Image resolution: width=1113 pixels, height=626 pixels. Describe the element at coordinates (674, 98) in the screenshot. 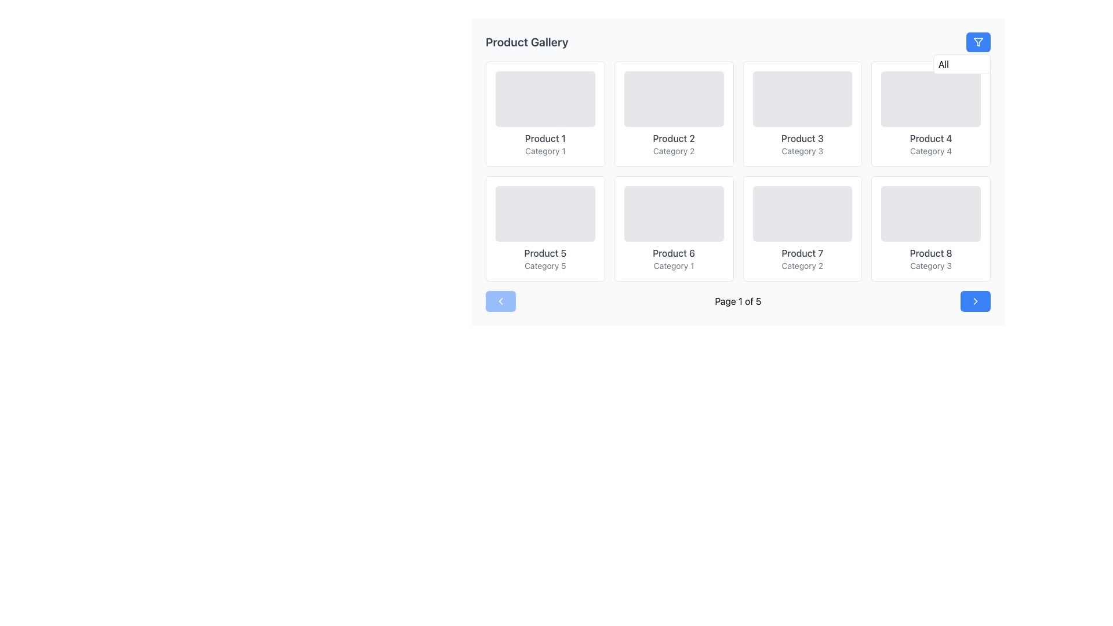

I see `the Image placeholder for 'Product 2' in 'Category 2' located within the 'Product Gallery' grid layout` at that location.